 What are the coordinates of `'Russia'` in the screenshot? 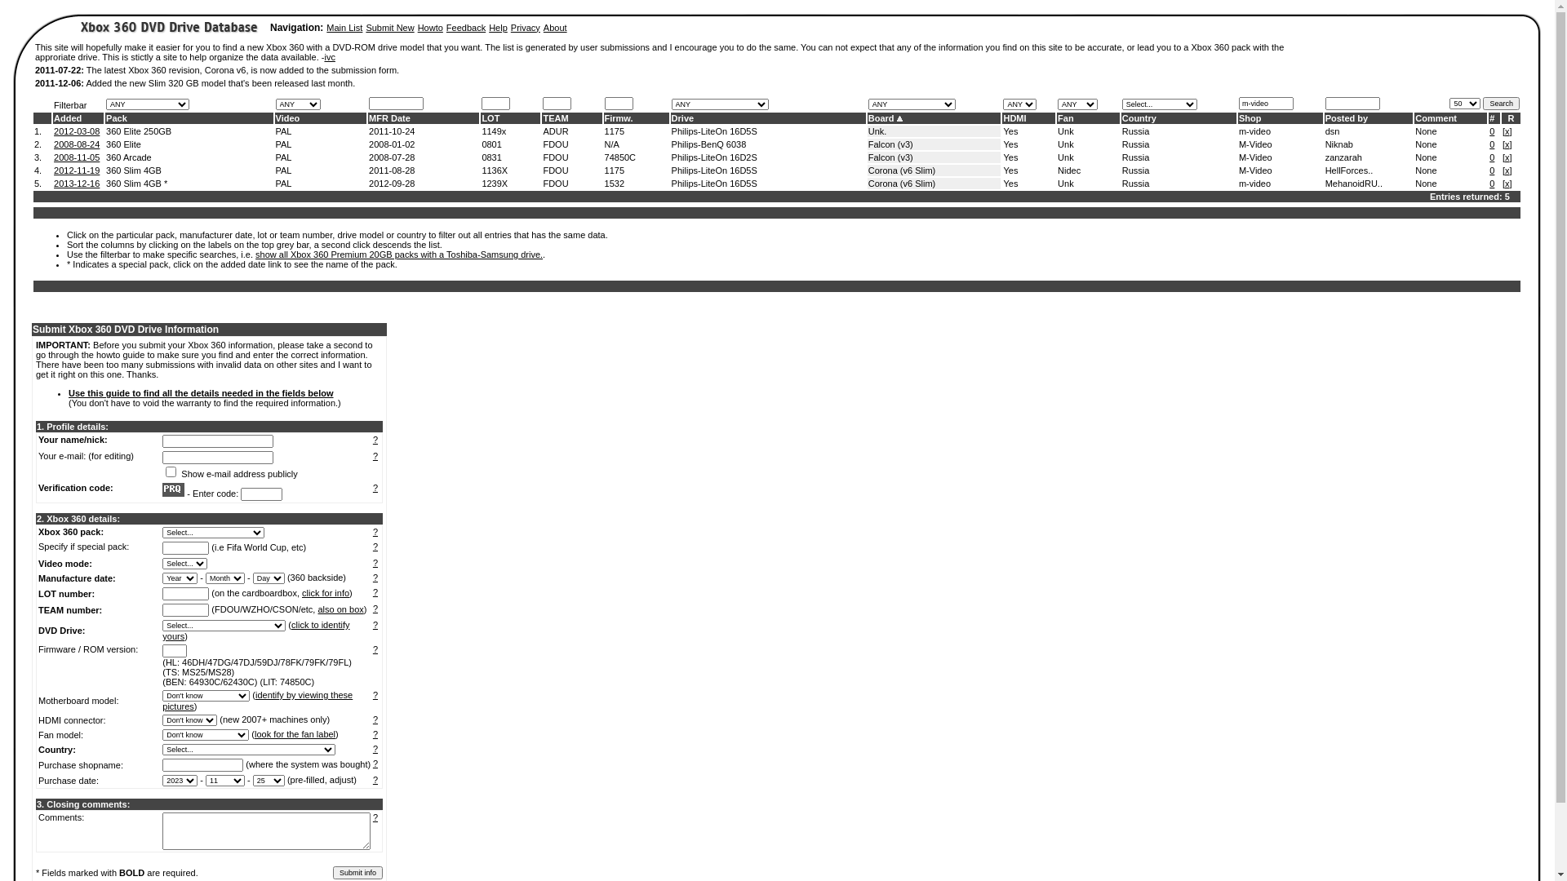 It's located at (1135, 157).